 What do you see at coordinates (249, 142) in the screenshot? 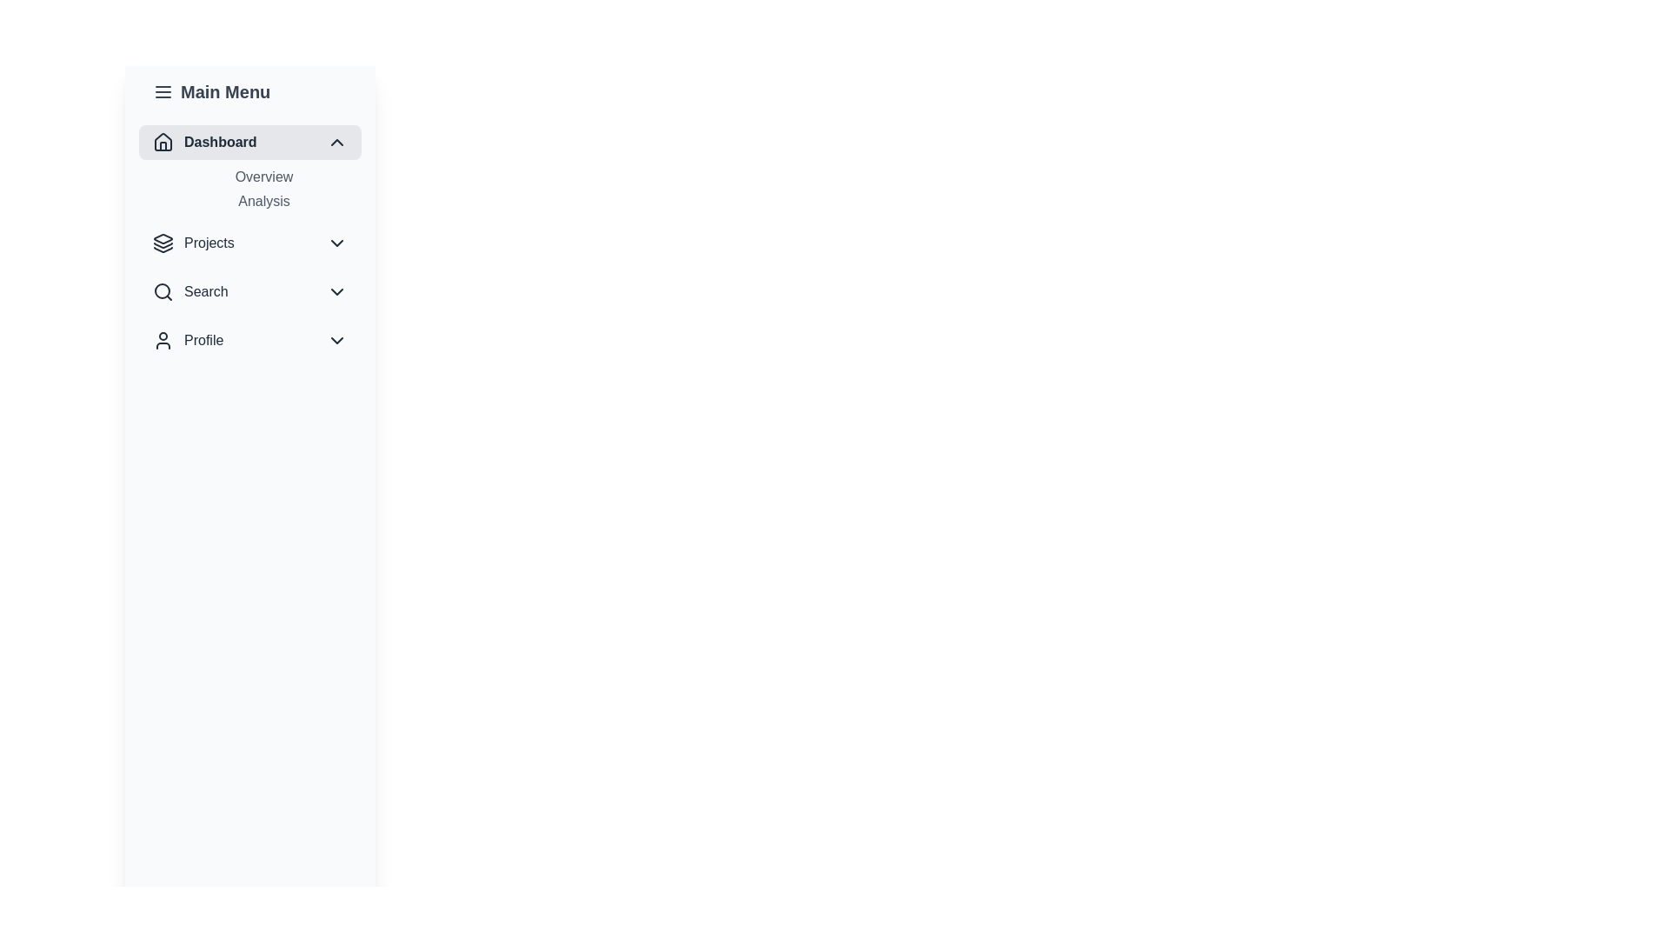
I see `the 'Dashboard' button, which is a clickable rectangular button with a light gray background, rounded corners, and bold black text, located at the first position` at bounding box center [249, 142].